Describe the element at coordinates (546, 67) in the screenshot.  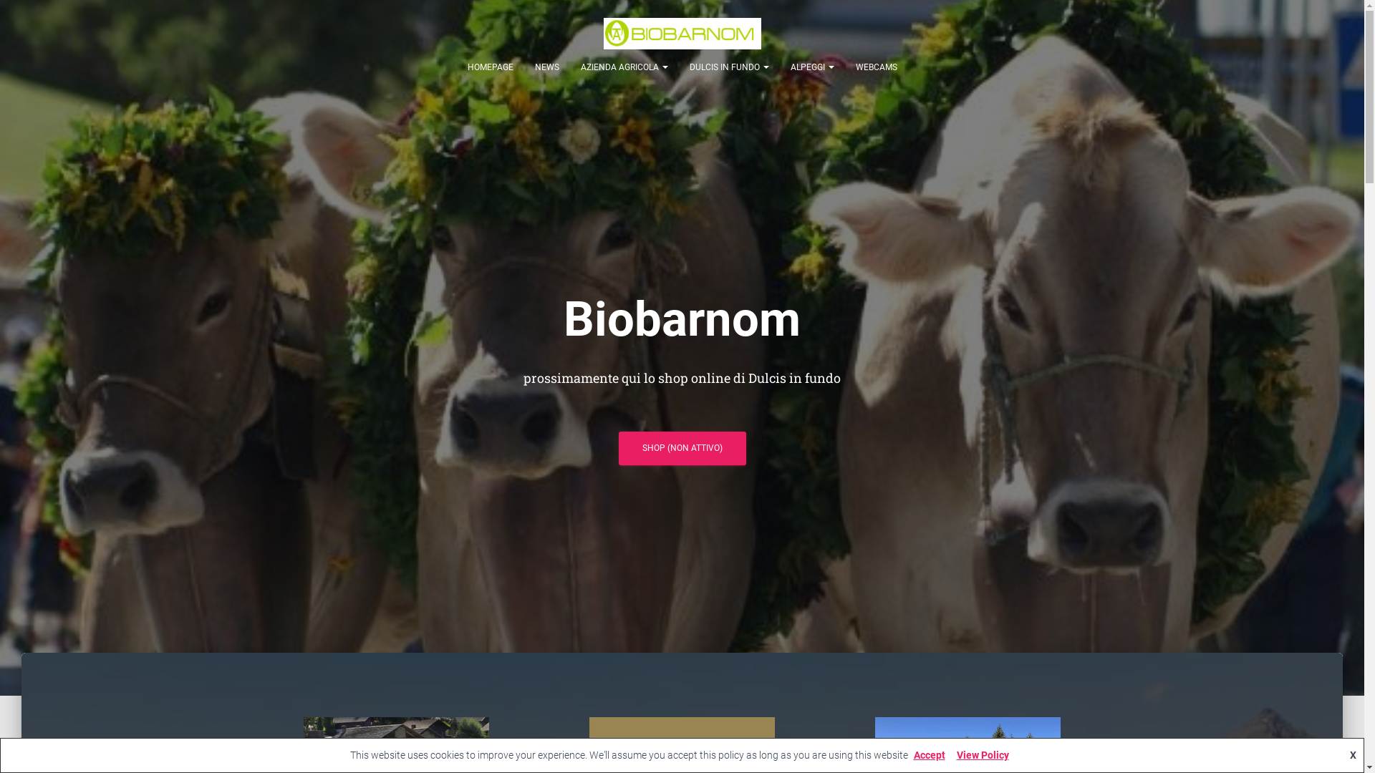
I see `'NEWS'` at that location.